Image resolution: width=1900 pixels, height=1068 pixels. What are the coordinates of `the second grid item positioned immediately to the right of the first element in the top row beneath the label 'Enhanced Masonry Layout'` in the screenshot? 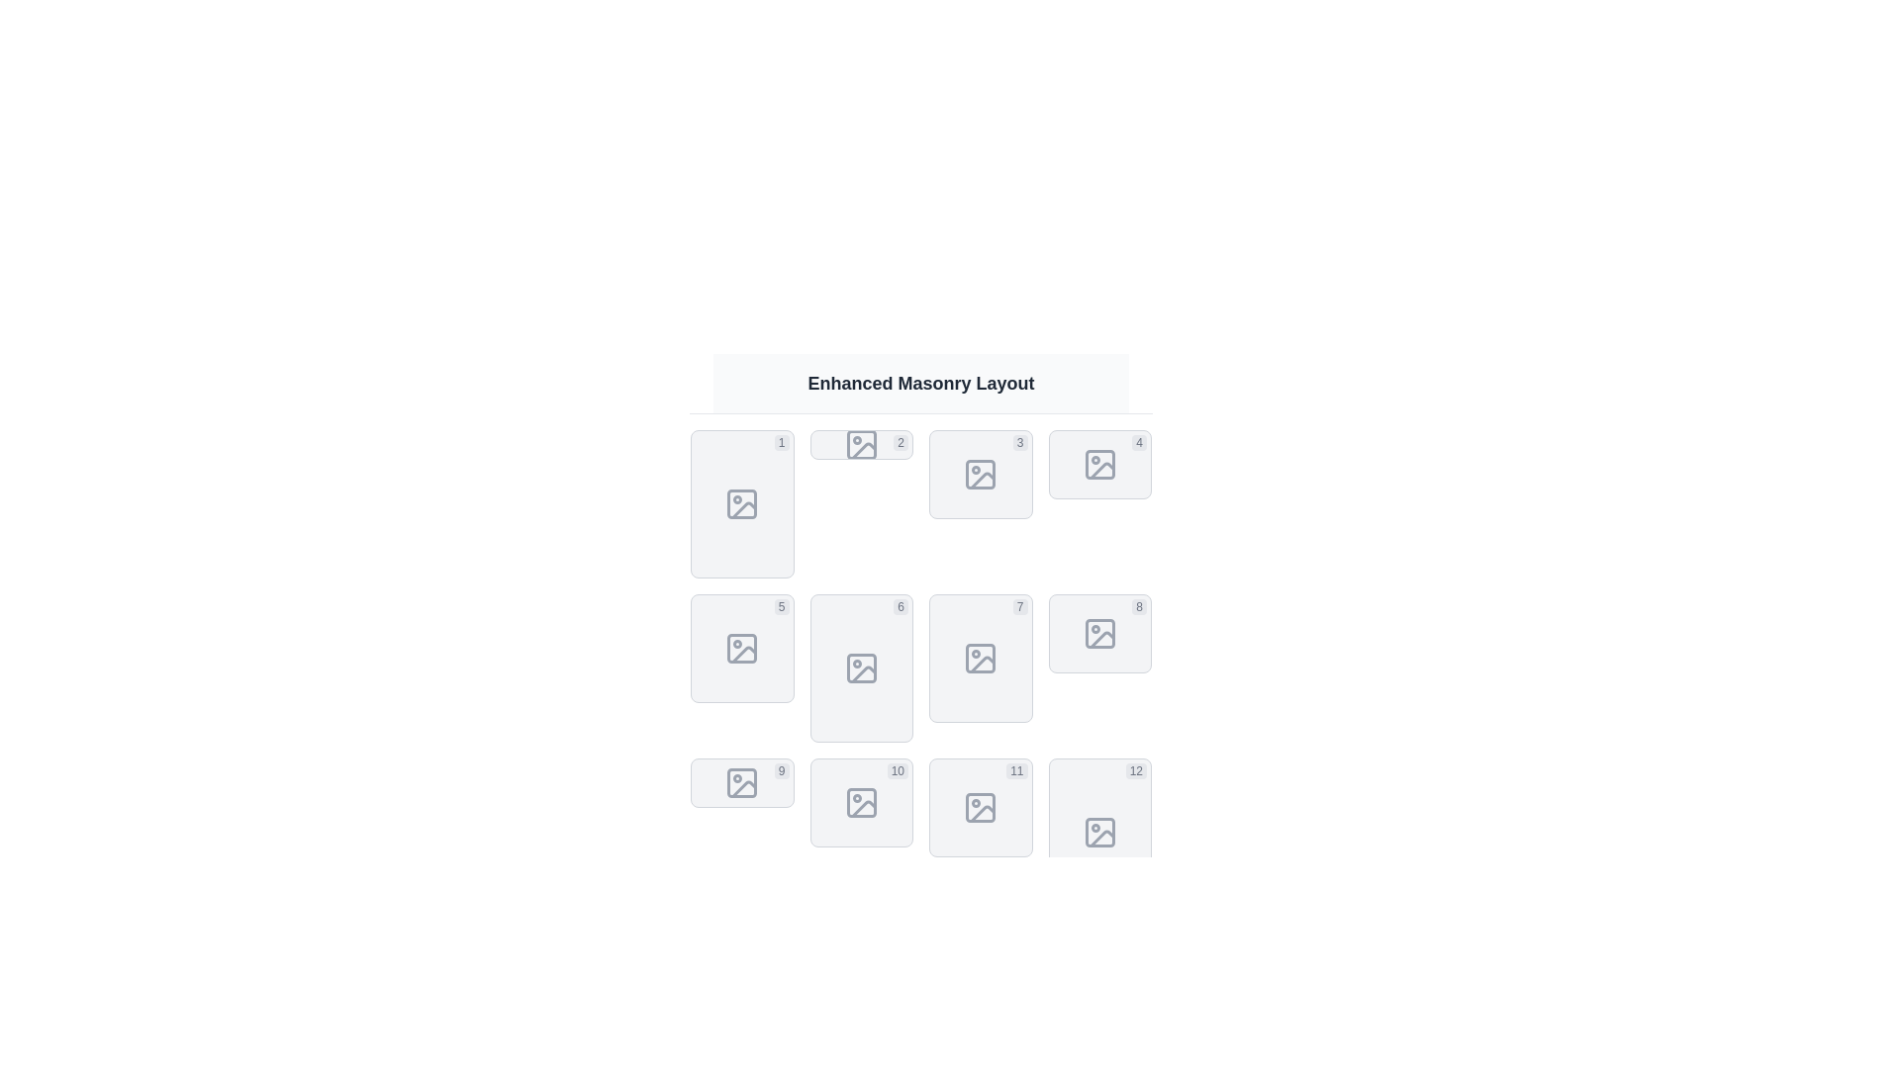 It's located at (861, 445).